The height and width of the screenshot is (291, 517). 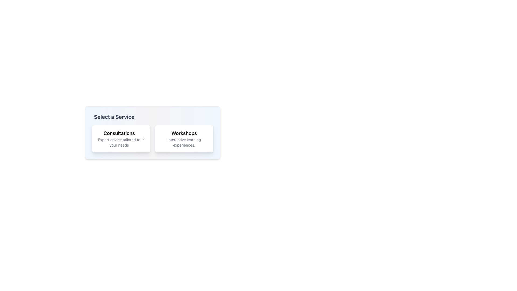 What do you see at coordinates (184, 138) in the screenshot?
I see `the text block titled 'Workshops' which features a prominent title and a descriptive line, located in the second column of a two-column grid layout` at bounding box center [184, 138].